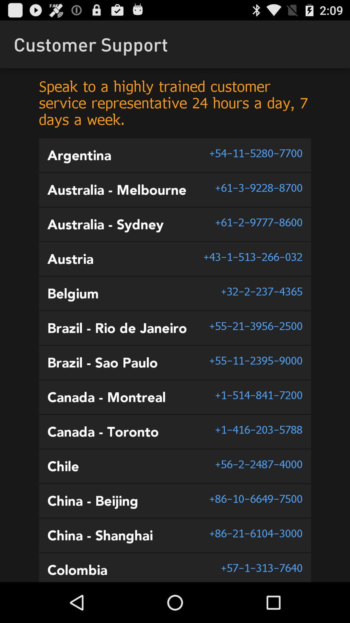 The height and width of the screenshot is (623, 350). What do you see at coordinates (255, 326) in the screenshot?
I see `the icon next to brazil rio de item` at bounding box center [255, 326].